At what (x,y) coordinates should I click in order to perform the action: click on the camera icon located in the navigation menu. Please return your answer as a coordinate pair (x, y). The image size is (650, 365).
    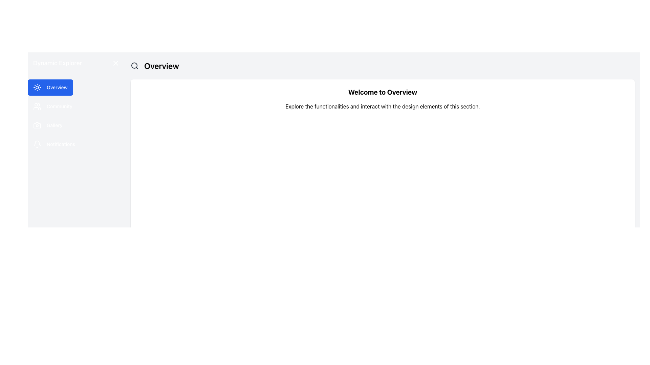
    Looking at the image, I should click on (37, 125).